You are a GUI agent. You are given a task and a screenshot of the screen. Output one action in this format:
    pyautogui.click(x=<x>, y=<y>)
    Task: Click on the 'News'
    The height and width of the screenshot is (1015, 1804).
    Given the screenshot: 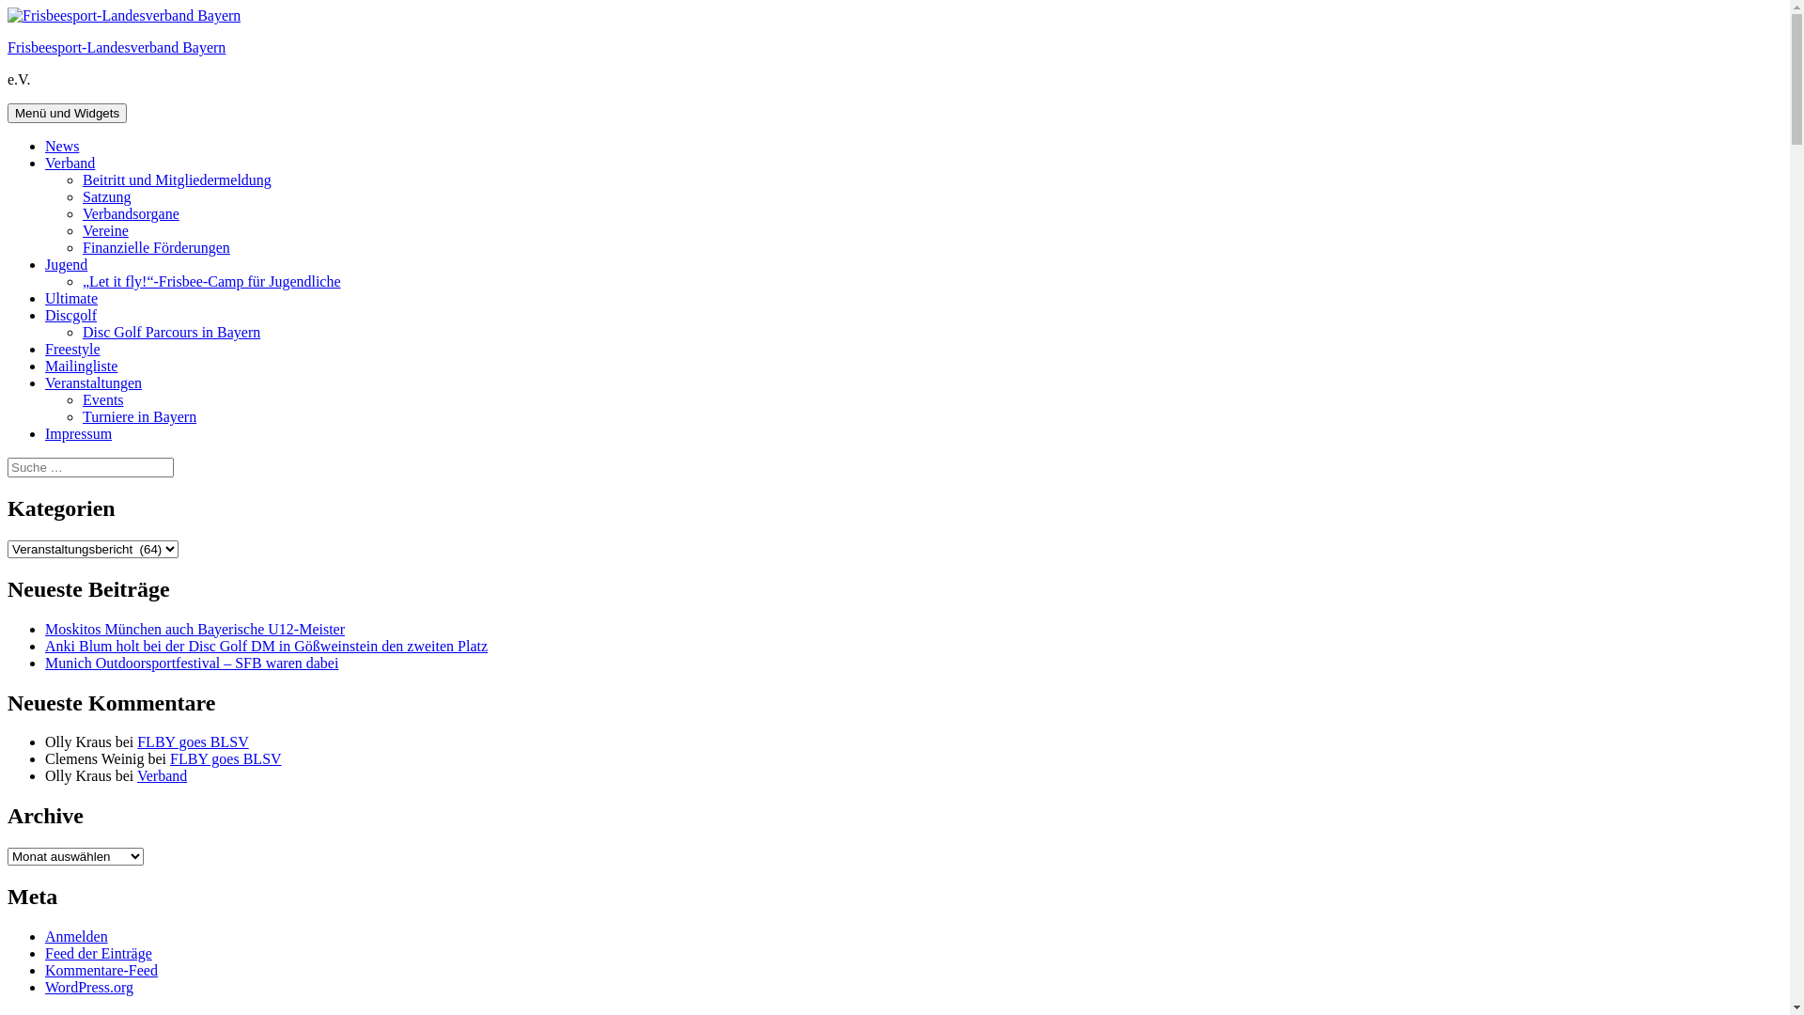 What is the action you would take?
    pyautogui.click(x=62, y=145)
    